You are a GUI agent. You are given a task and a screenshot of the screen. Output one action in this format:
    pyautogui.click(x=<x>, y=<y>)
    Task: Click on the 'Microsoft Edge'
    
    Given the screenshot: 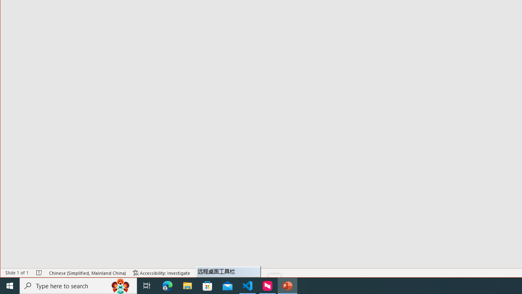 What is the action you would take?
    pyautogui.click(x=167, y=285)
    